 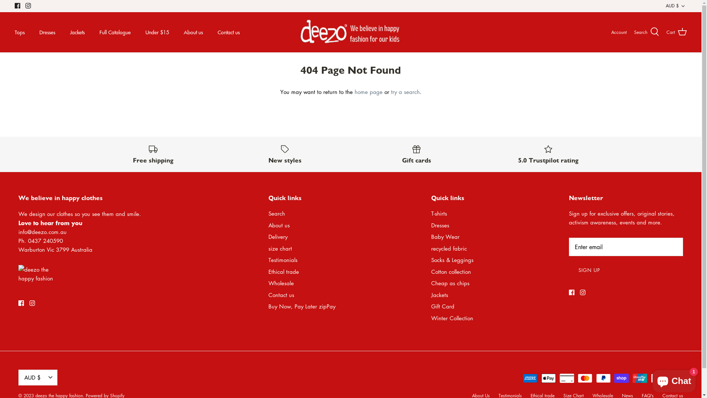 What do you see at coordinates (674, 379) in the screenshot?
I see `'Shopify online store chat'` at bounding box center [674, 379].